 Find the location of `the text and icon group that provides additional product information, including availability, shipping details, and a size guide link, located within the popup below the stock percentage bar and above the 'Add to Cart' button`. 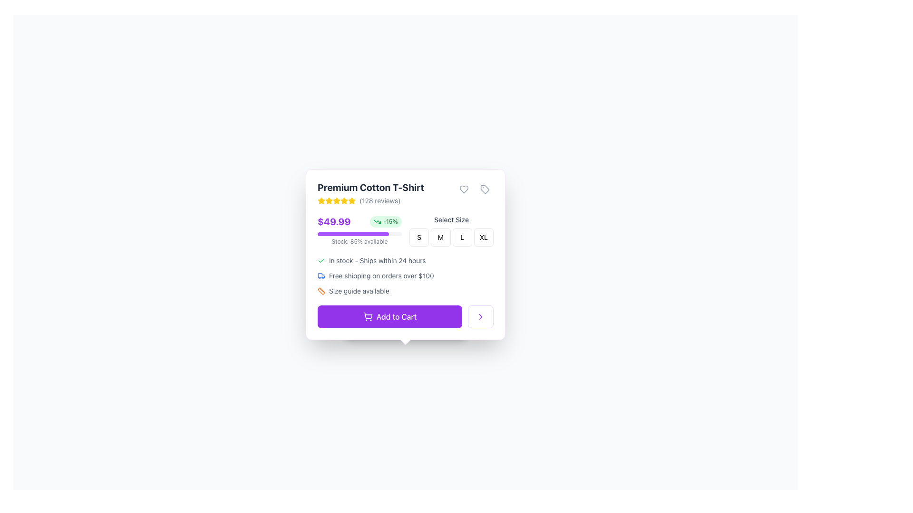

the text and icon group that provides additional product information, including availability, shipping details, and a size guide link, located within the popup below the stock percentage bar and above the 'Add to Cart' button is located at coordinates (406, 276).